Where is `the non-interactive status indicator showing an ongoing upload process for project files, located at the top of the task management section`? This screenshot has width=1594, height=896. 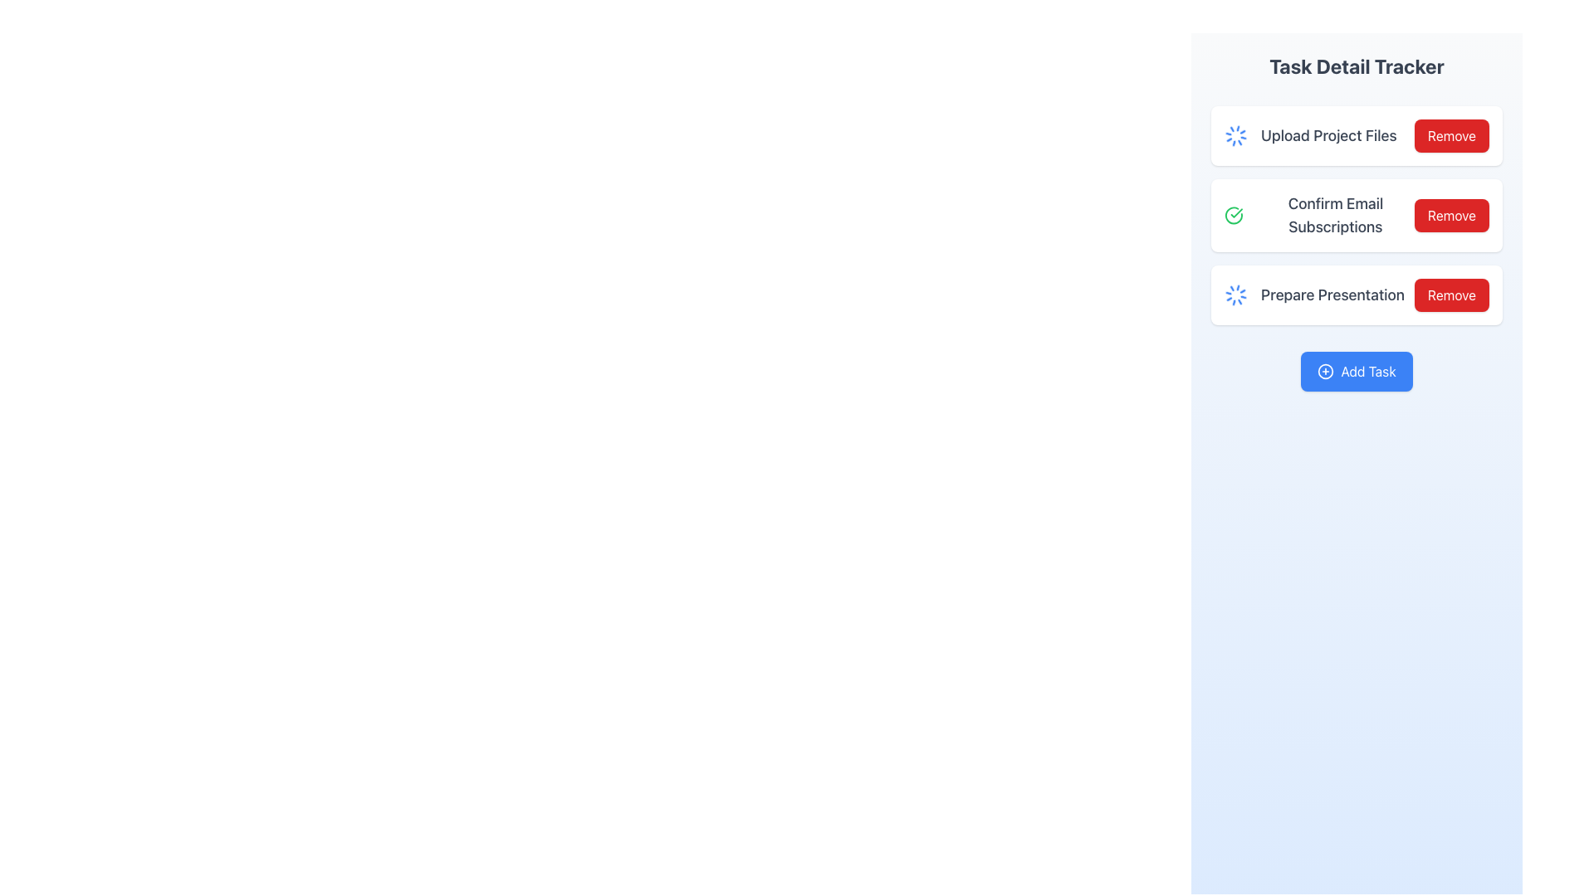 the non-interactive status indicator showing an ongoing upload process for project files, located at the top of the task management section is located at coordinates (1309, 135).